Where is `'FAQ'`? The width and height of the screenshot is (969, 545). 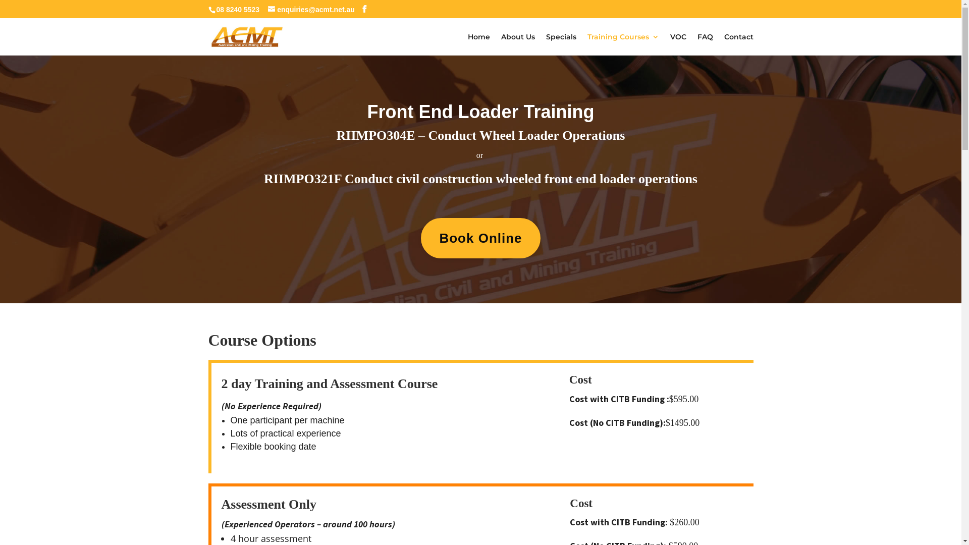
'FAQ' is located at coordinates (705, 44).